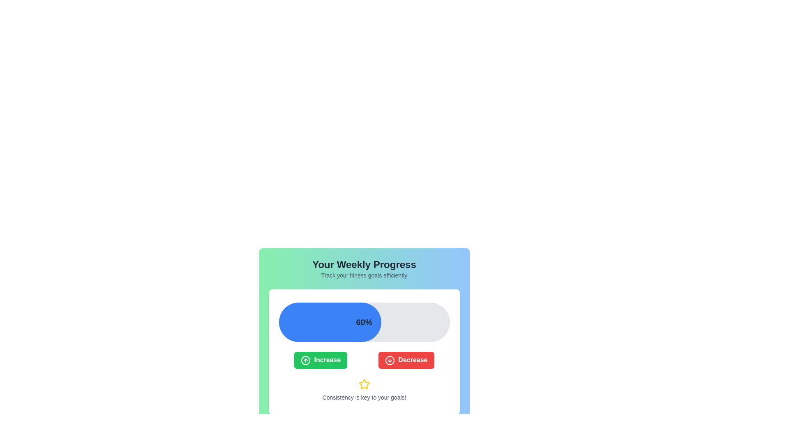 This screenshot has height=444, width=789. What do you see at coordinates (305, 360) in the screenshot?
I see `the green circle icon with an upward-pointing arrow located within the 'Increase' button below the progress bar` at bounding box center [305, 360].